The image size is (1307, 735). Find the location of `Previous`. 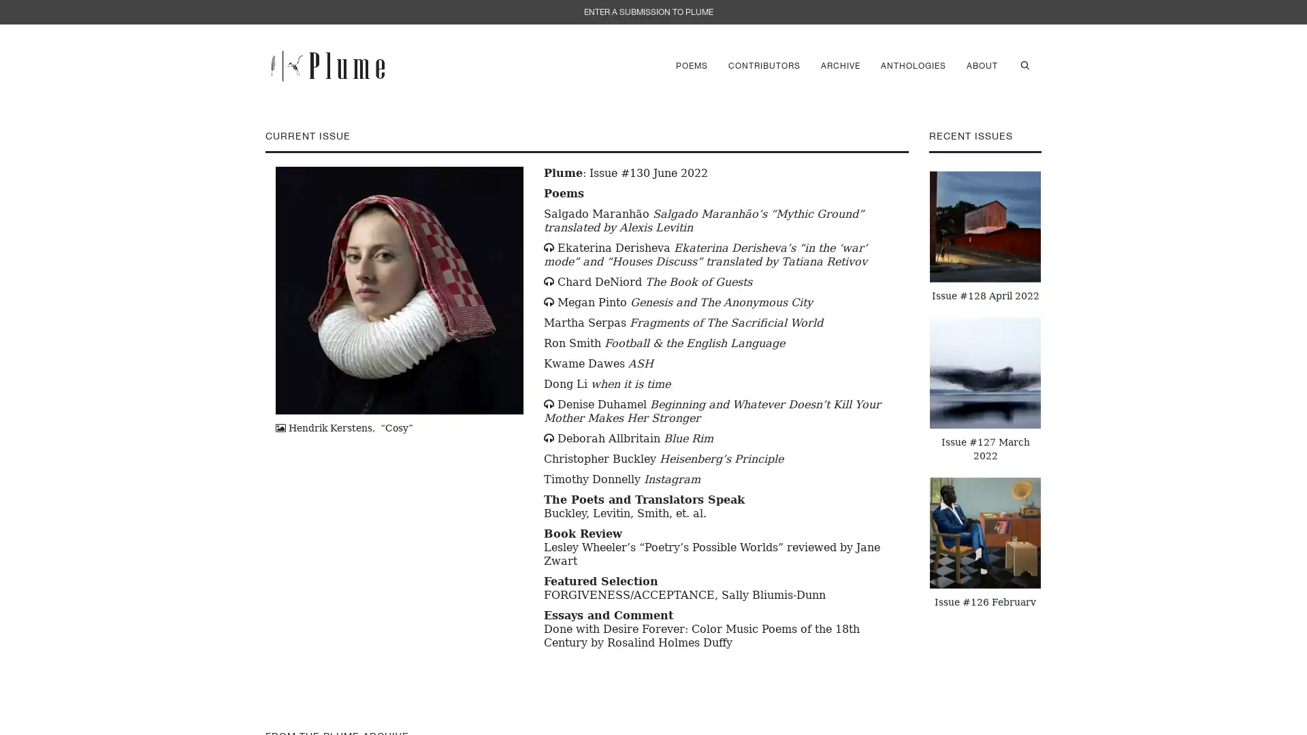

Previous is located at coordinates (918, 386).